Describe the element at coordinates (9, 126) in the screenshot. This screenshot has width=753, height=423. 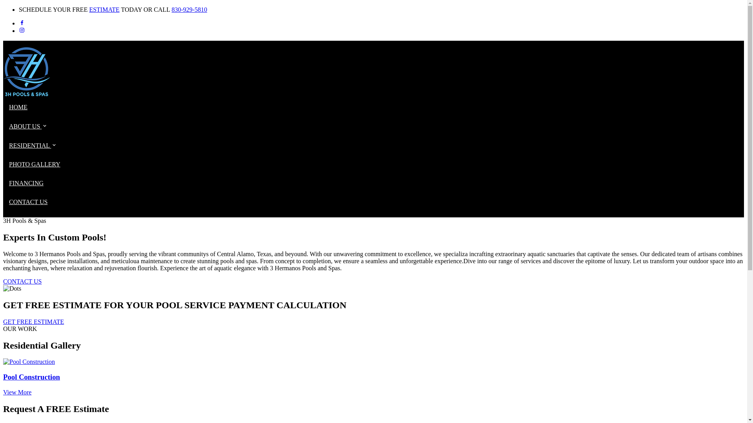
I see `'ABOUT US'` at that location.